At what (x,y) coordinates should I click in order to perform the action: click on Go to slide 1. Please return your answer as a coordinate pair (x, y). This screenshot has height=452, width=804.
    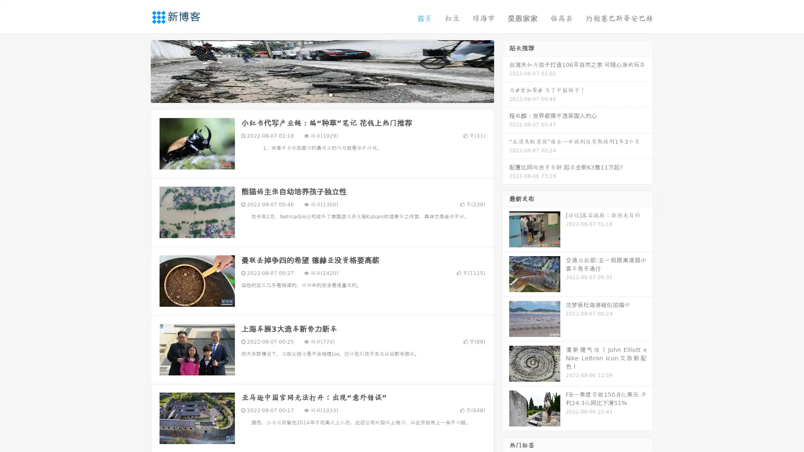
    Looking at the image, I should click on (313, 94).